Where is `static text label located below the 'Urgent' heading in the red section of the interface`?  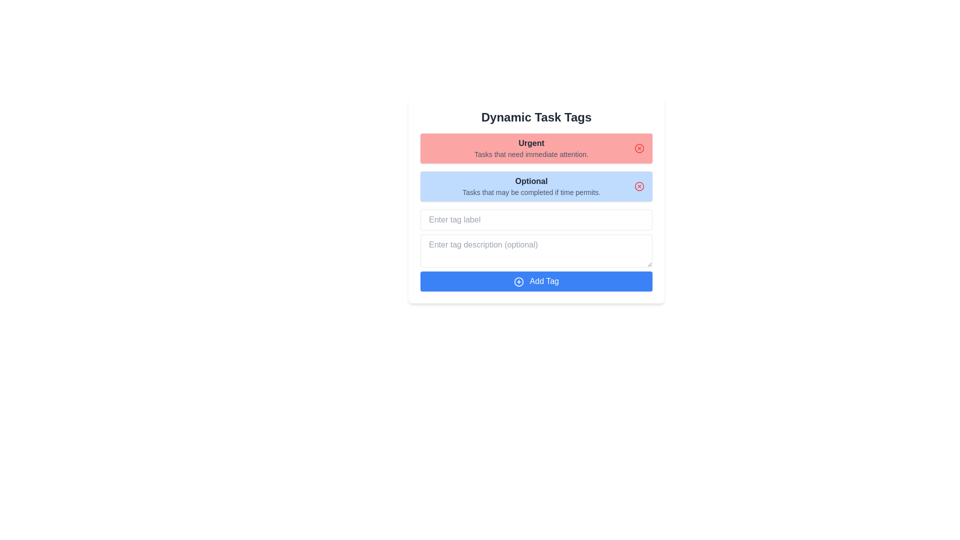 static text label located below the 'Urgent' heading in the red section of the interface is located at coordinates (530, 154).